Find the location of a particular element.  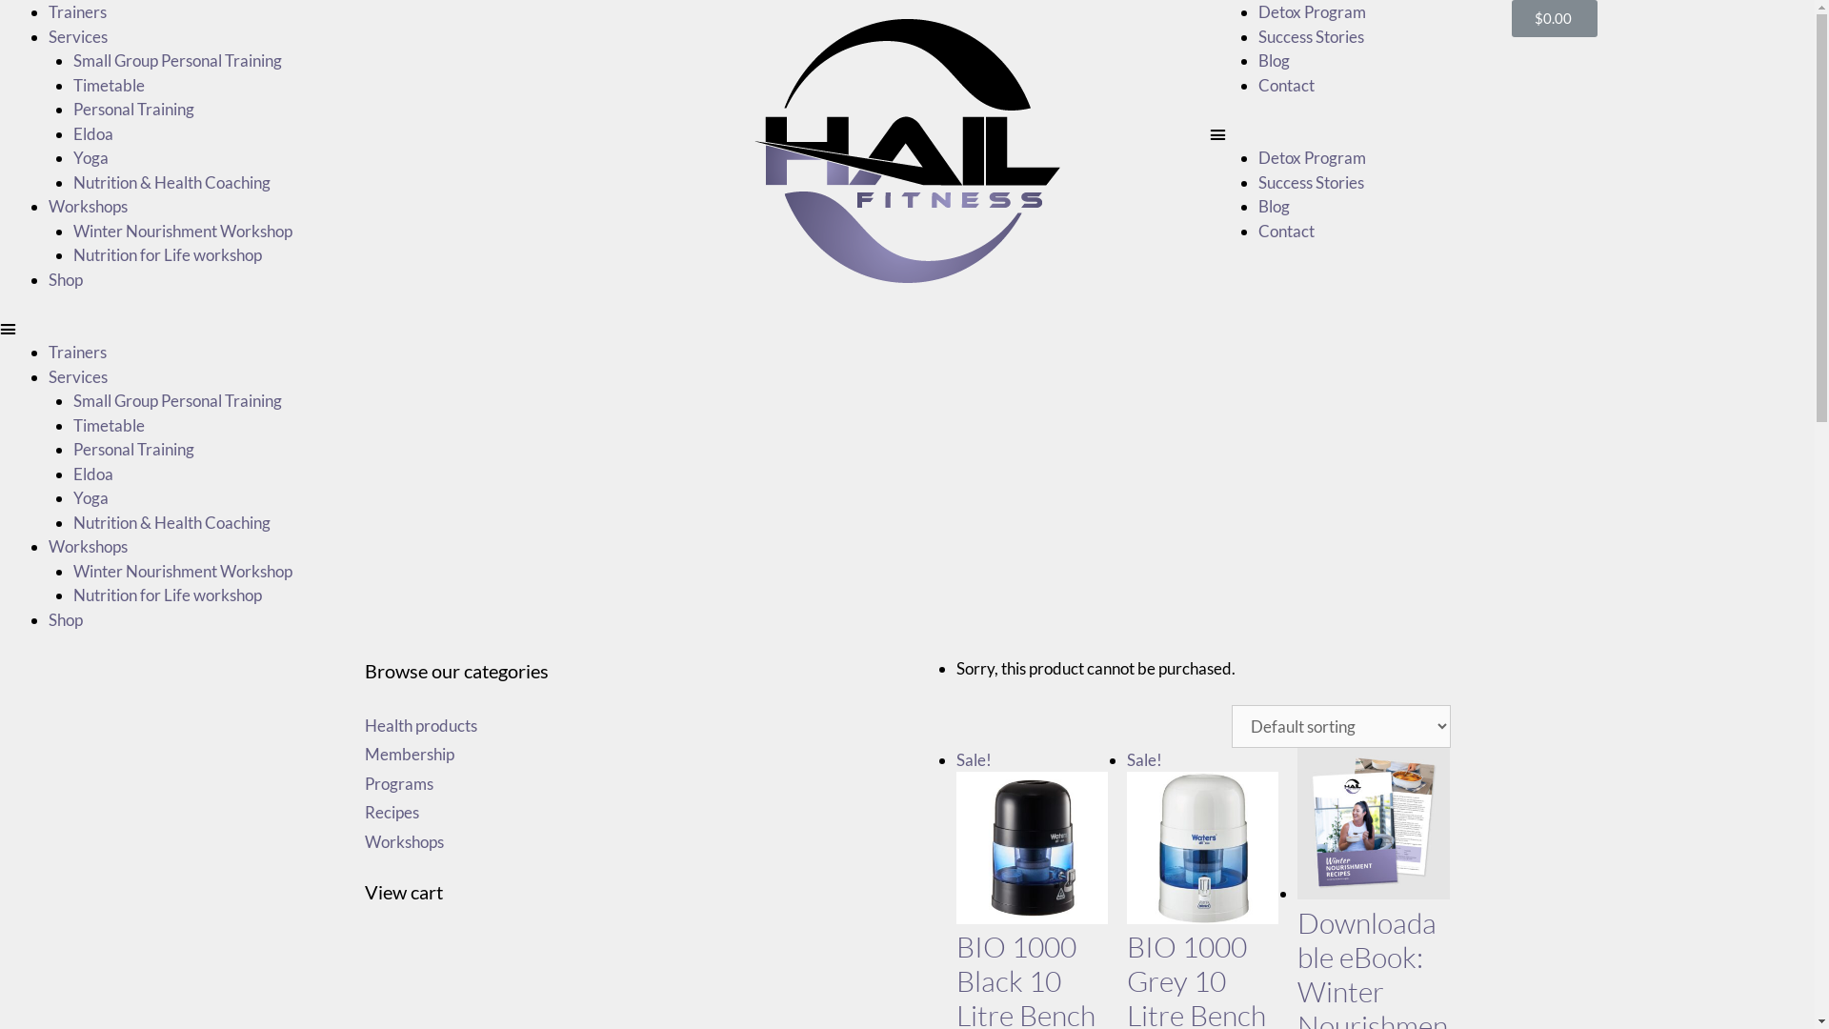

'Personal Training' is located at coordinates (131, 109).